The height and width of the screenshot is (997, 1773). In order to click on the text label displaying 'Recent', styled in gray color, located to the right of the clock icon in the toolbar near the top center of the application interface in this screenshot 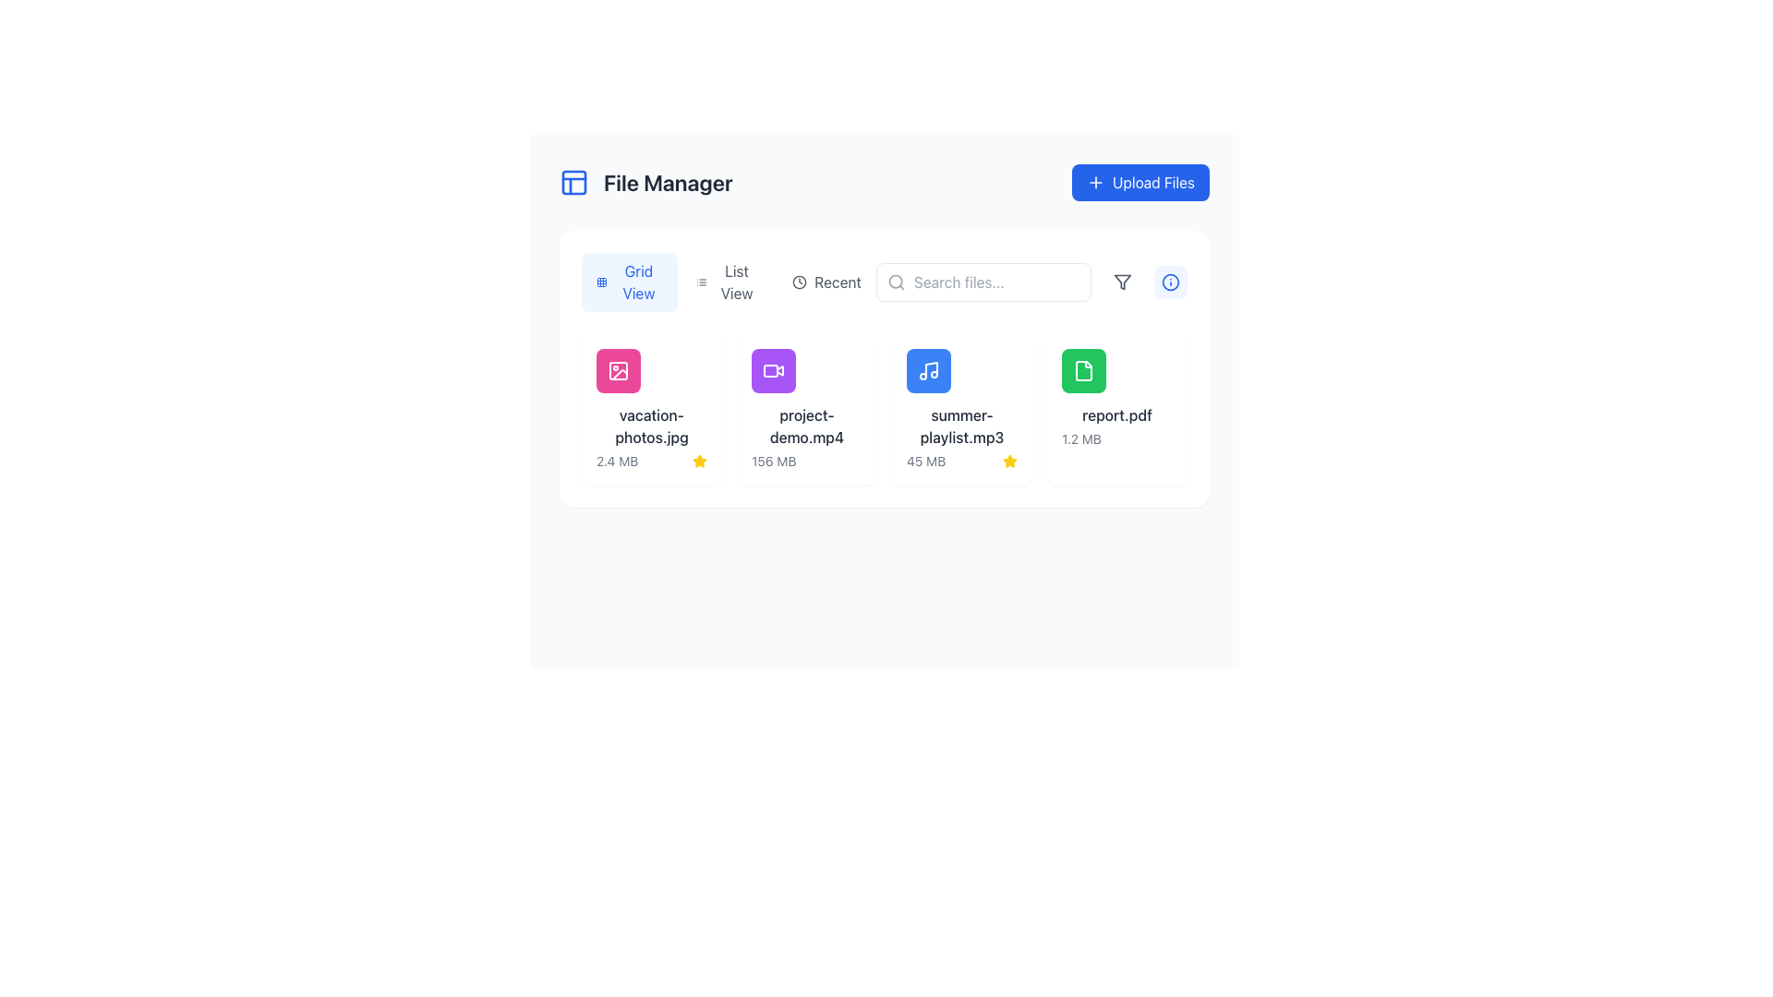, I will do `click(837, 282)`.